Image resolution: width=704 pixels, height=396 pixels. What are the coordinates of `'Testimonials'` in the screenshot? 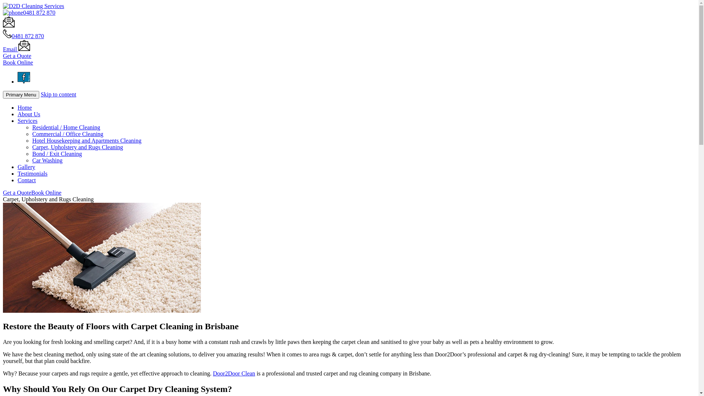 It's located at (32, 173).